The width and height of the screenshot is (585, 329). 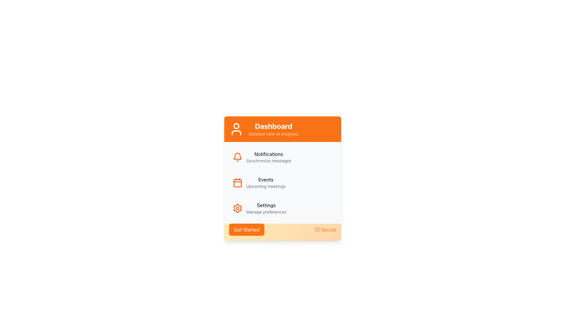 I want to click on the security confirmation label located at the bottom-right corner of the card interface, next to the checkmark icon, so click(x=328, y=229).